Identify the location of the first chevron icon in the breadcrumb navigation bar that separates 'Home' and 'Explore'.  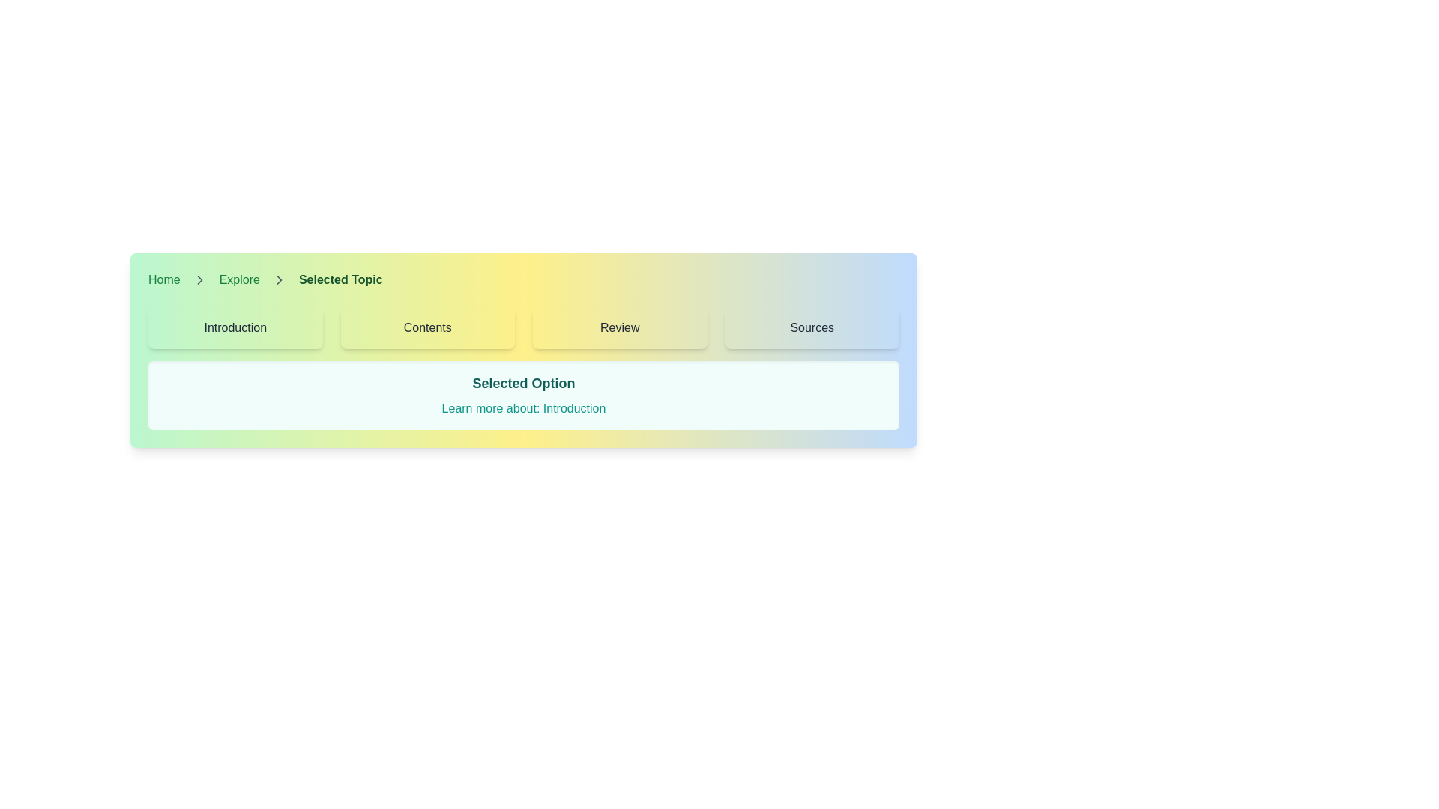
(199, 280).